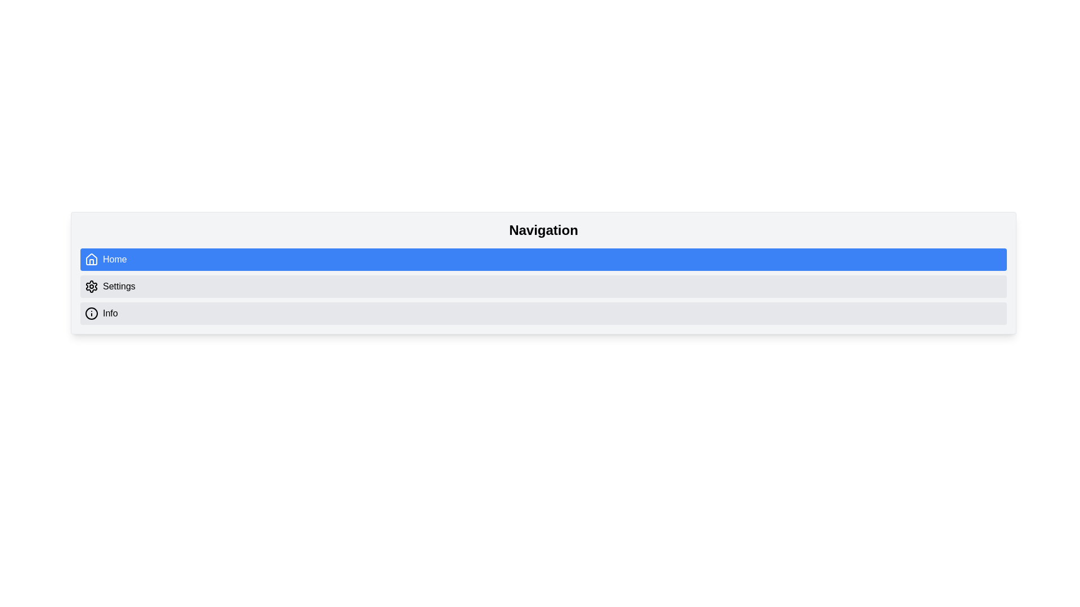 The height and width of the screenshot is (607, 1080). I want to click on the 'Info' button, which is the third element in a vertical navigation layout, so click(543, 314).